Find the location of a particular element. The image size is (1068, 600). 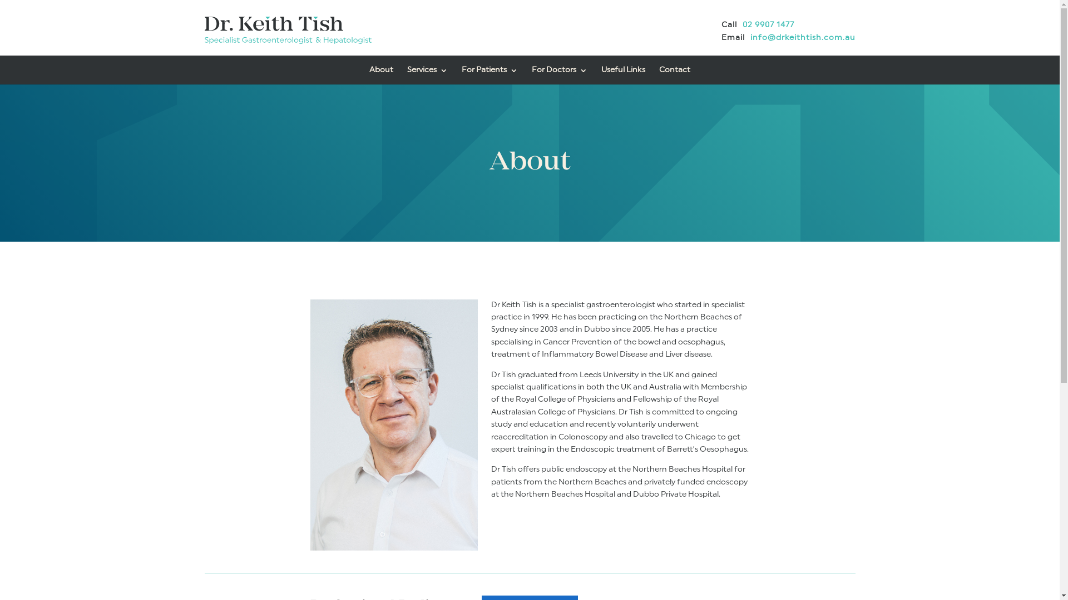

'02 9907 1477' is located at coordinates (764, 28).